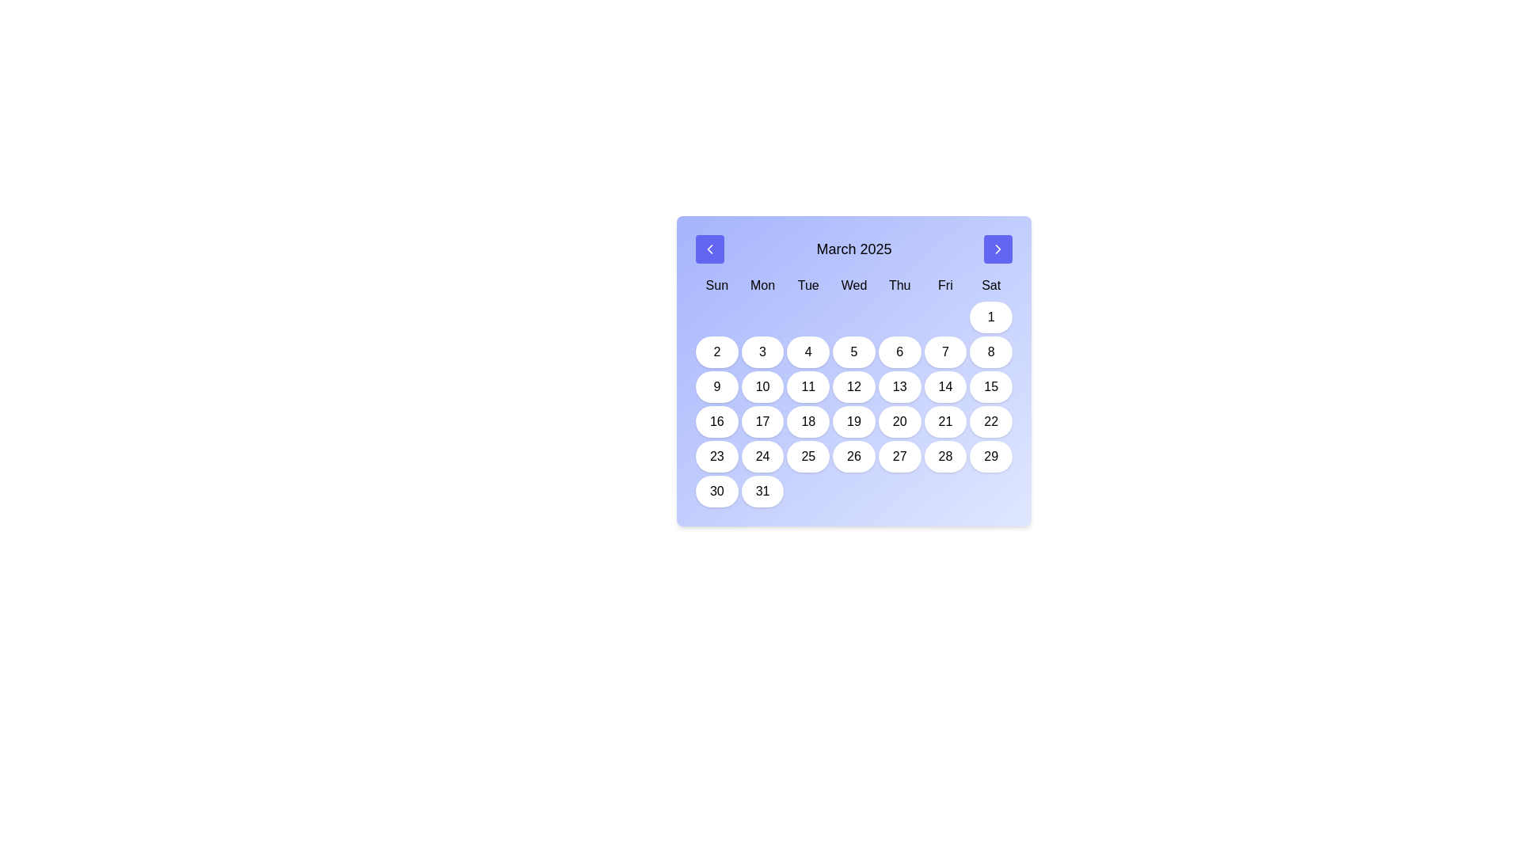  Describe the element at coordinates (762, 457) in the screenshot. I see `the circular button displaying the number '24' to confirm selection` at that location.